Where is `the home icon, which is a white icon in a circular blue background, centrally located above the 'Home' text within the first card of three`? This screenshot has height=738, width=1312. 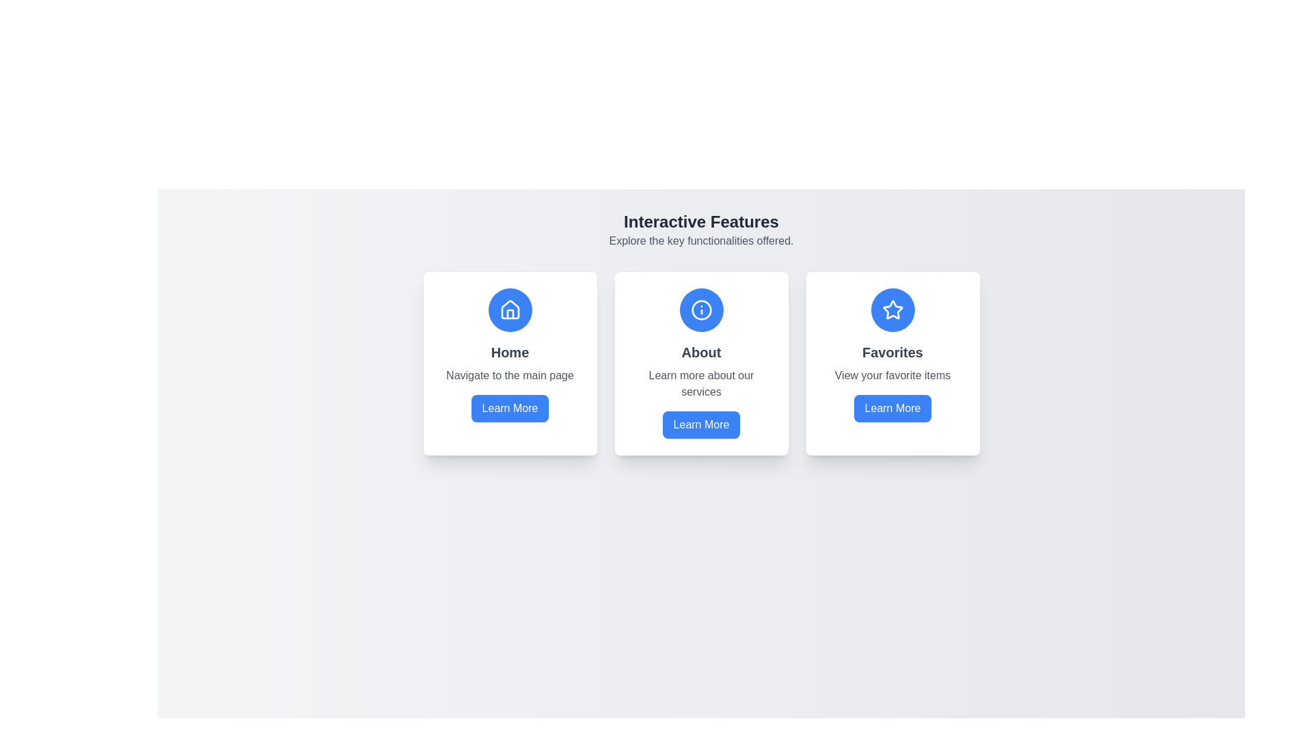
the home icon, which is a white icon in a circular blue background, centrally located above the 'Home' text within the first card of three is located at coordinates (509, 310).